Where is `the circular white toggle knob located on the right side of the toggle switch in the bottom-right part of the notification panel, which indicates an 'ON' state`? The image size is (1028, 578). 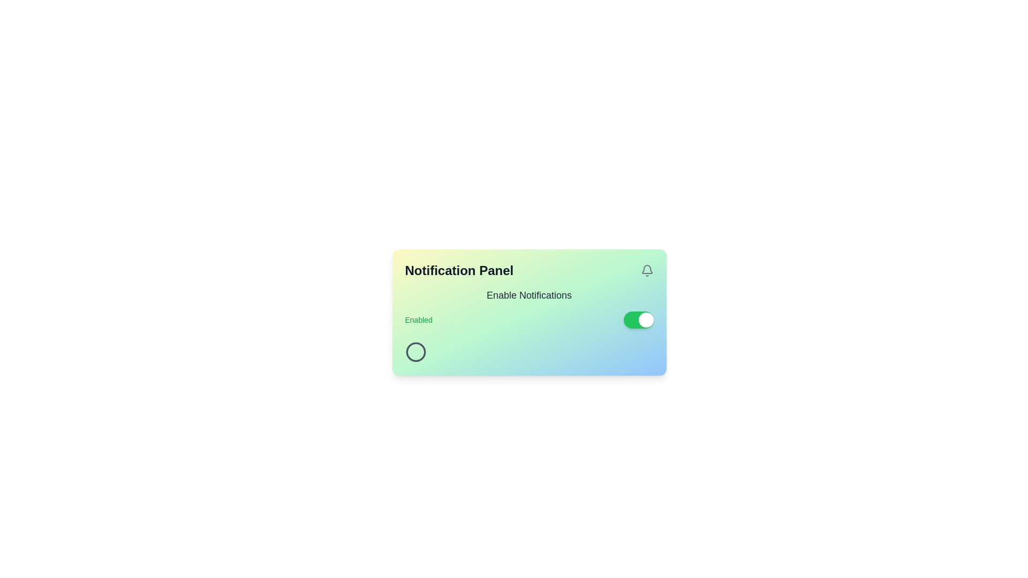 the circular white toggle knob located on the right side of the toggle switch in the bottom-right part of the notification panel, which indicates an 'ON' state is located at coordinates (645, 319).